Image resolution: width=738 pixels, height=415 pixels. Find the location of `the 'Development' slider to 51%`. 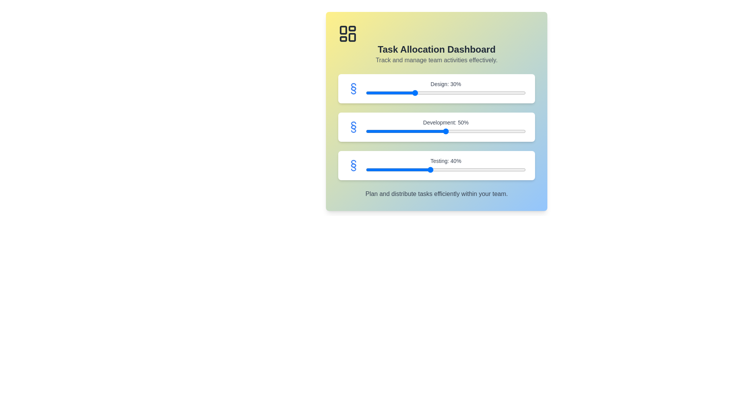

the 'Development' slider to 51% is located at coordinates (447, 131).